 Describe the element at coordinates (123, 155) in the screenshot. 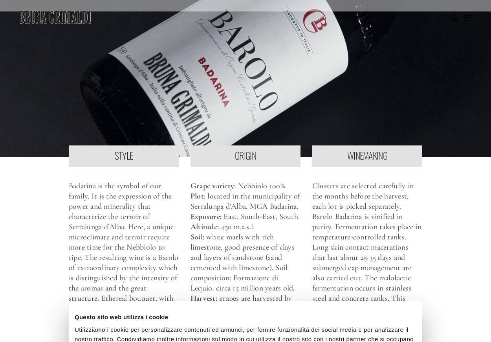

I see `'STYLE'` at that location.